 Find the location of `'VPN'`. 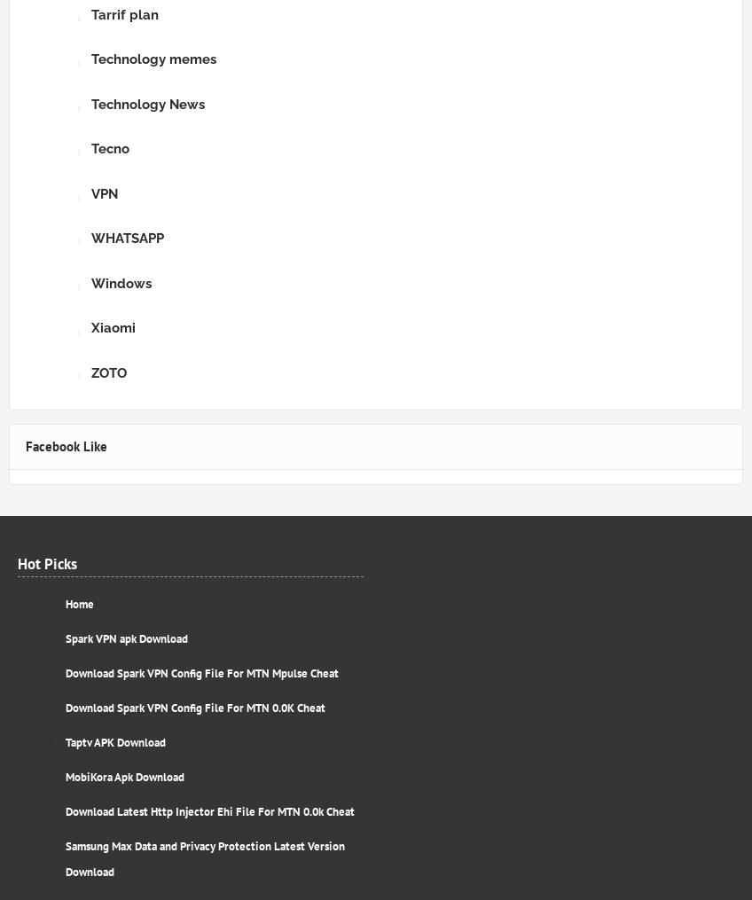

'VPN' is located at coordinates (91, 193).